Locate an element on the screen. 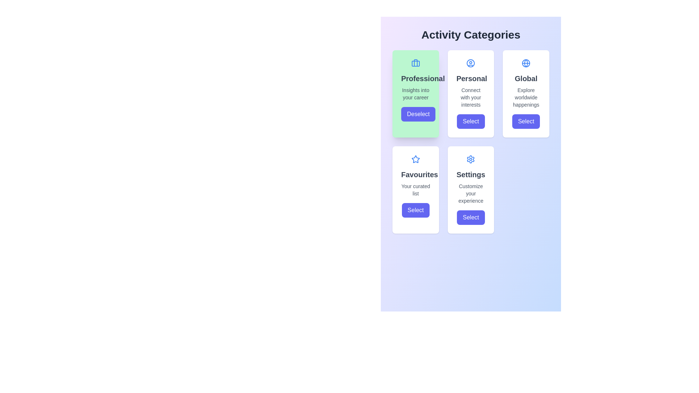  the text element displaying 'Insights into your career' in gray color, located below the 'Professional' title within the green card element is located at coordinates (415, 94).